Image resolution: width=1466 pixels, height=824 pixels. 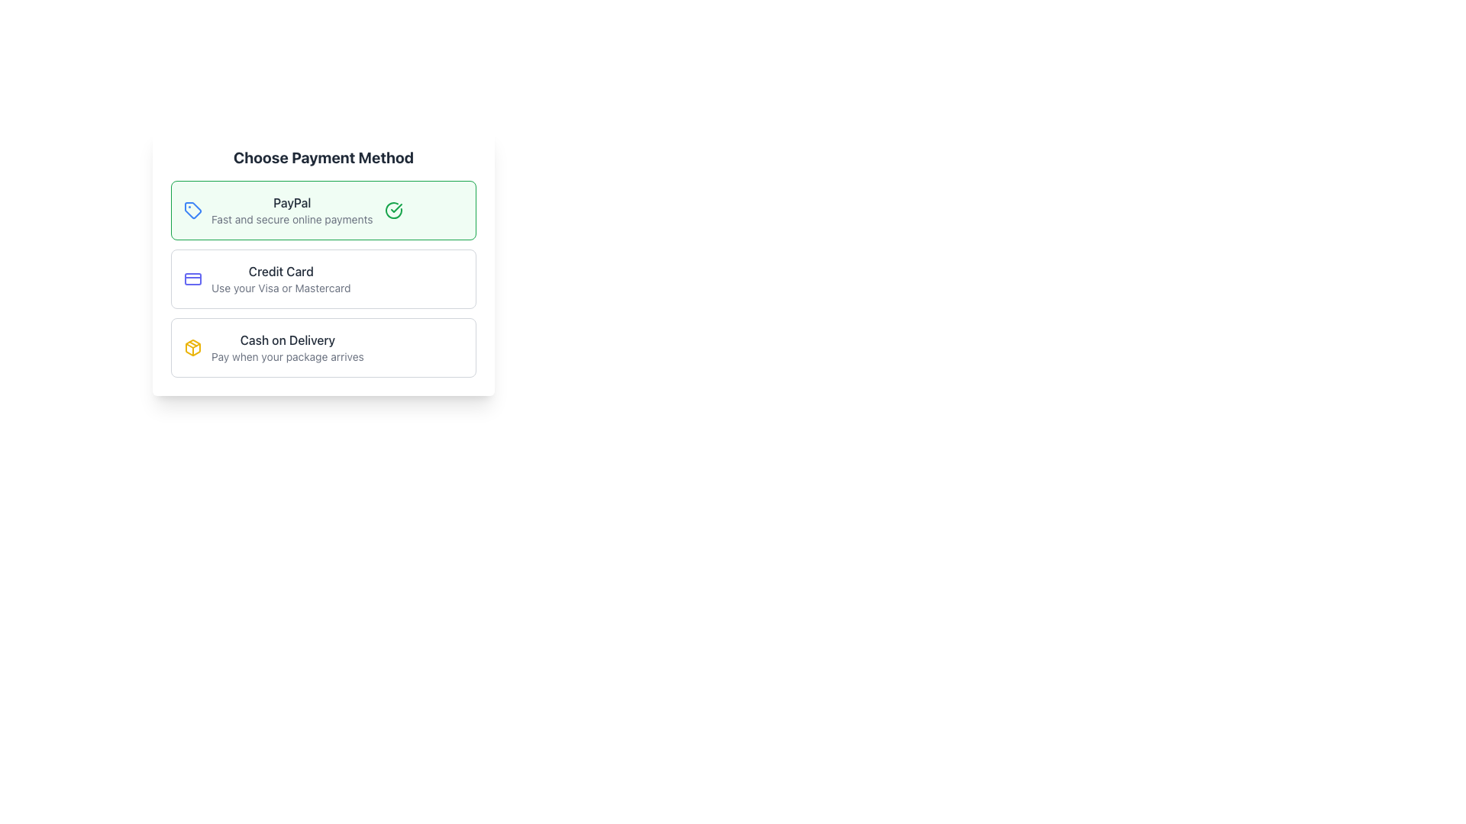 I want to click on the 'Cash on Delivery' payment option title label located at the top of its option box in the 'Choose Payment Method' section, so click(x=287, y=340).